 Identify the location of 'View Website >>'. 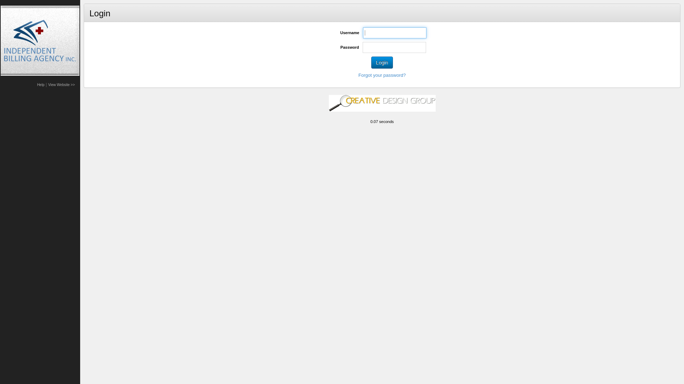
(61, 84).